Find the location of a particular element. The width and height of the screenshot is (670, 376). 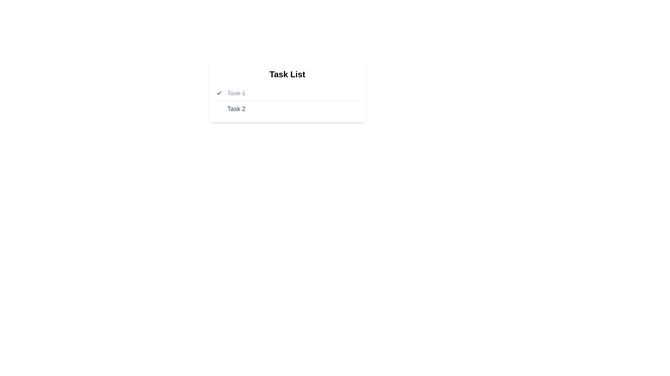

the text label that represents the title of the second task item in the task list, located below 'Task 1' is located at coordinates (236, 109).